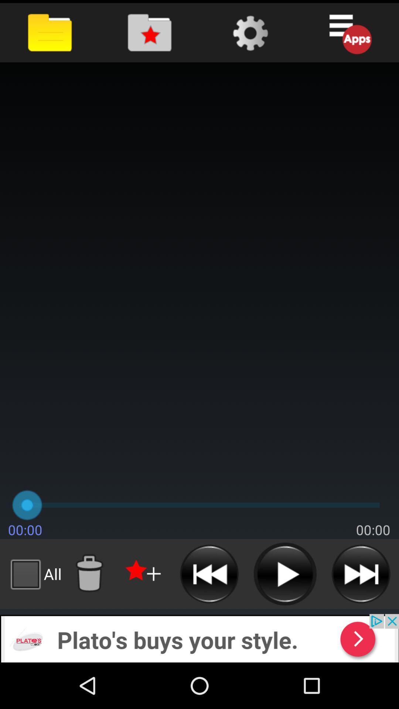  What do you see at coordinates (249, 34) in the screenshot?
I see `the settings icon` at bounding box center [249, 34].